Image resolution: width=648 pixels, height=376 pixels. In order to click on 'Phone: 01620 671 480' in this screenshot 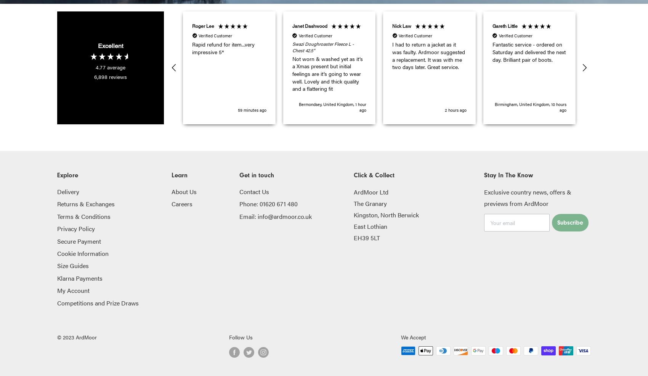, I will do `click(268, 203)`.